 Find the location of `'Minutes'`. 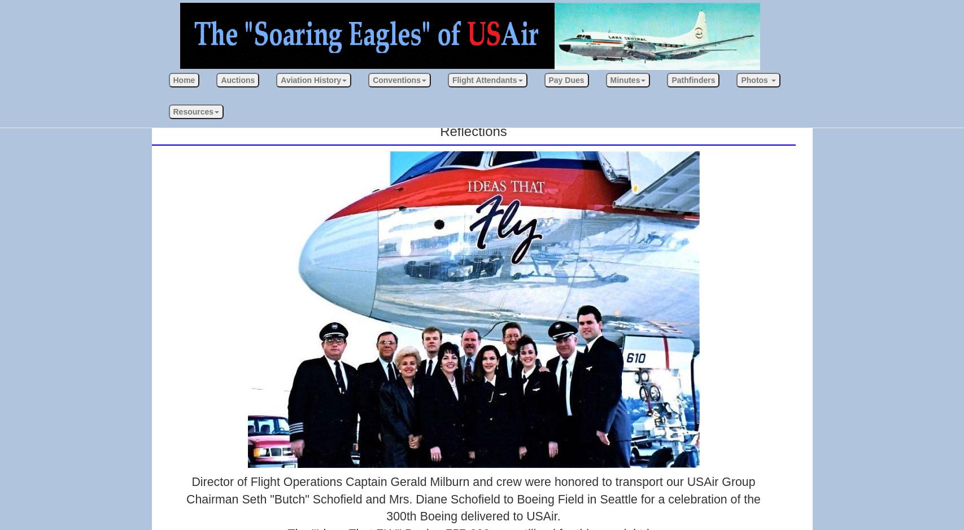

'Minutes' is located at coordinates (624, 79).